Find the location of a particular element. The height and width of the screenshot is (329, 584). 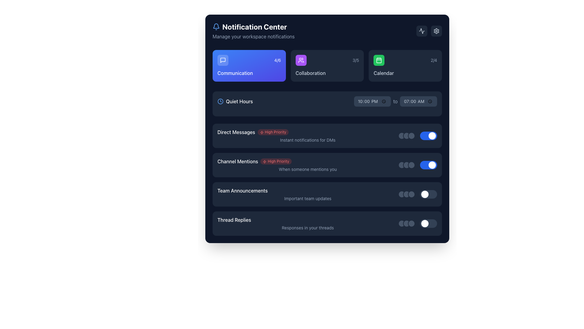

the Time input field located to the left of the 'to' label in the 'Quiet Hours' section is located at coordinates (372, 101).